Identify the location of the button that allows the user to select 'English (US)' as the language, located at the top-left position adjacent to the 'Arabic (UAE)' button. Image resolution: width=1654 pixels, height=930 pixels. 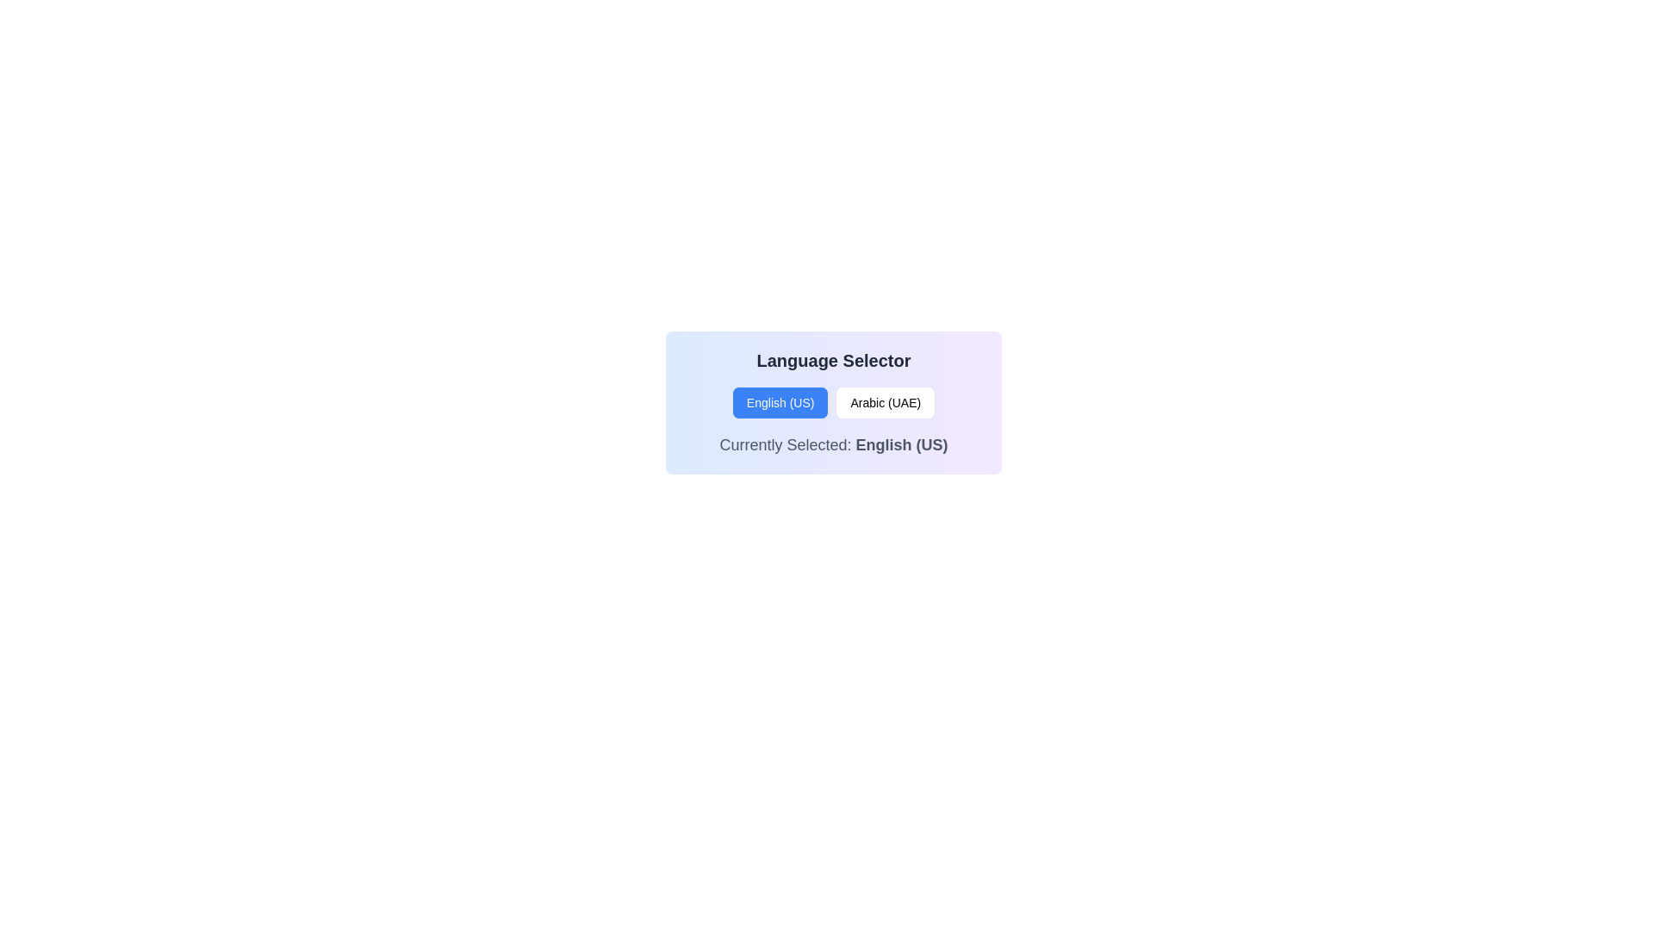
(780, 402).